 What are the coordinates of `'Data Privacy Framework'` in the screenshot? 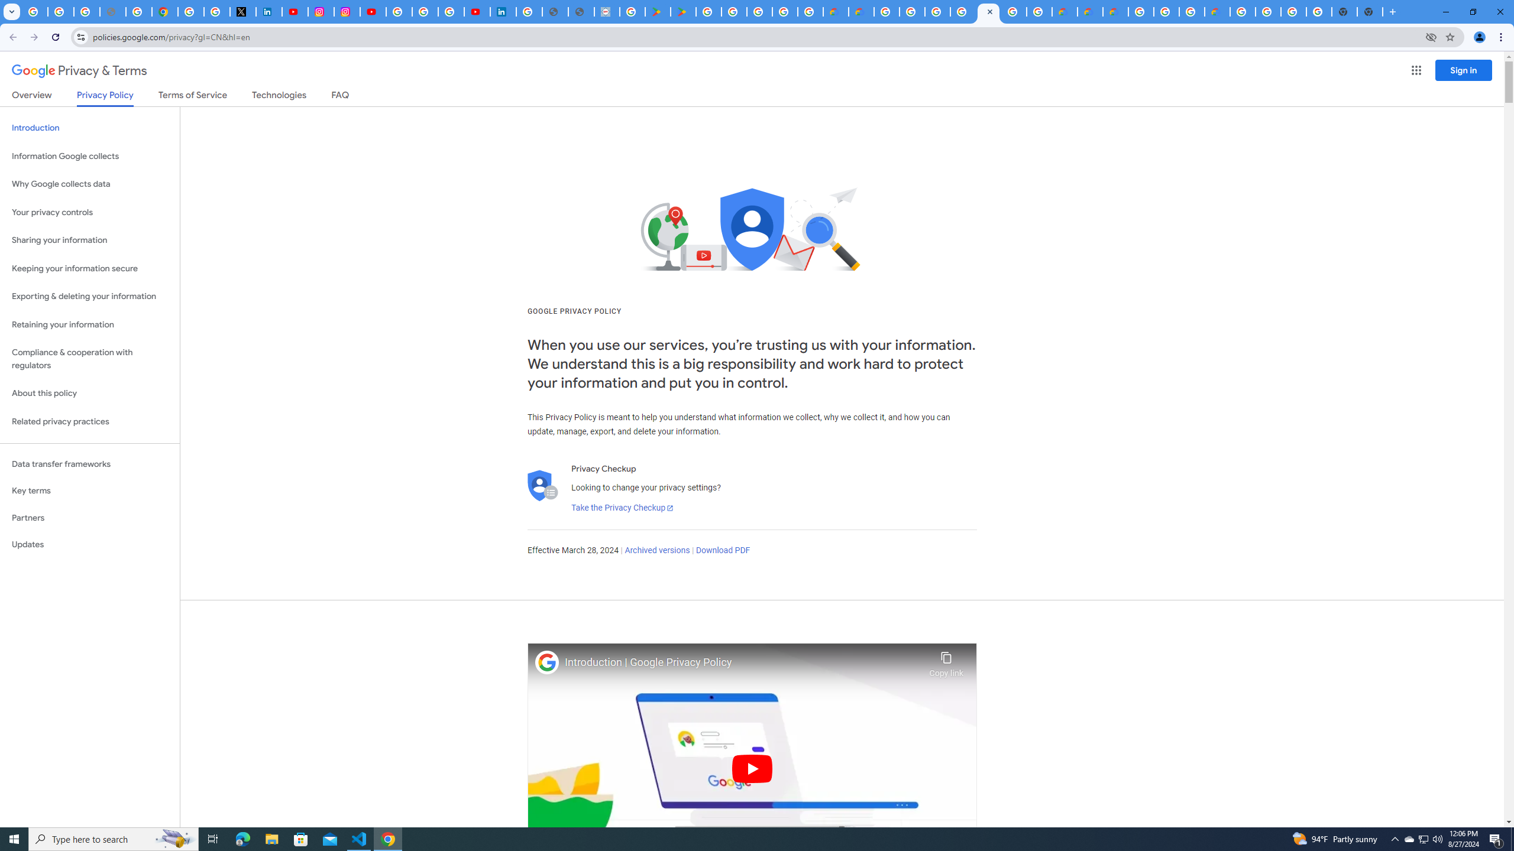 It's located at (607, 11).